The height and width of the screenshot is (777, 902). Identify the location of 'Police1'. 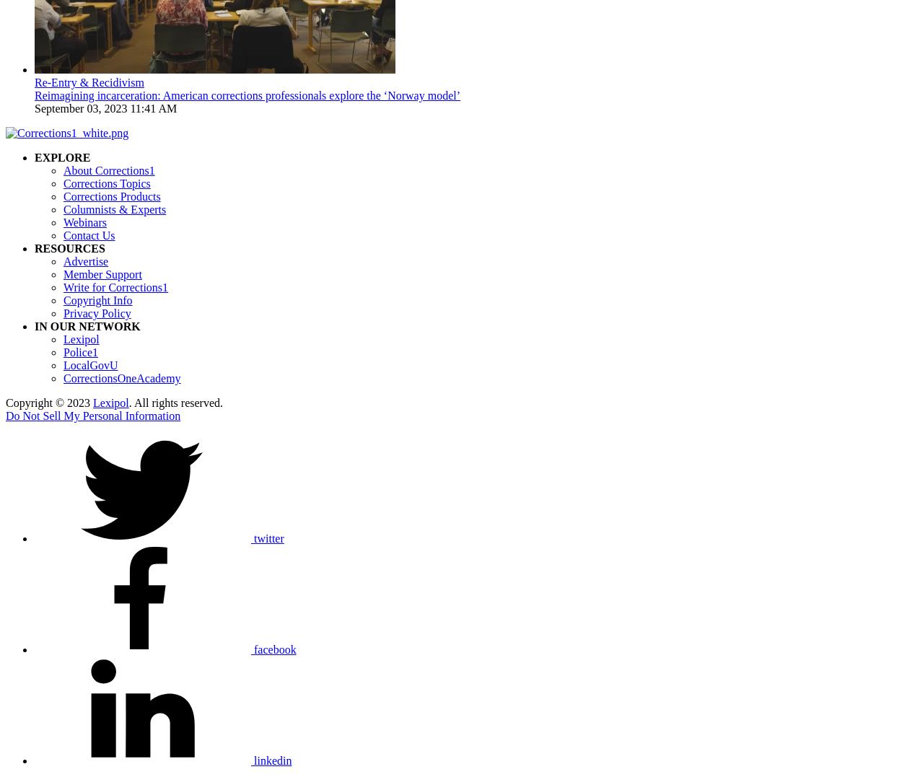
(80, 352).